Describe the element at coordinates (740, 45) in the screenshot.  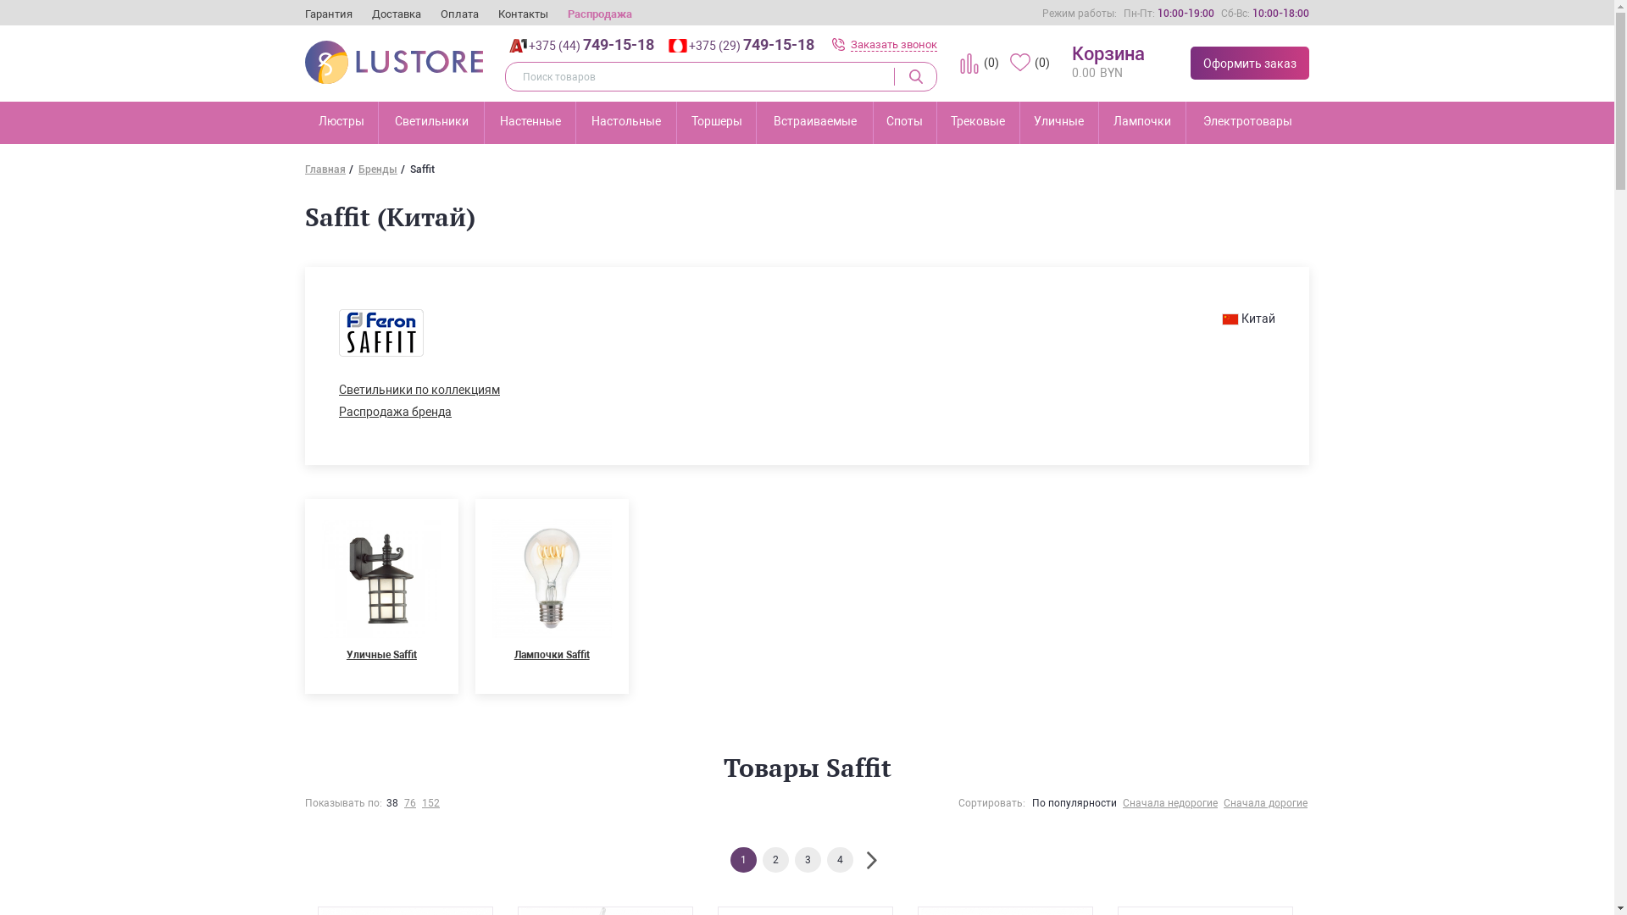
I see `'+375 (29) 749-15-18'` at that location.